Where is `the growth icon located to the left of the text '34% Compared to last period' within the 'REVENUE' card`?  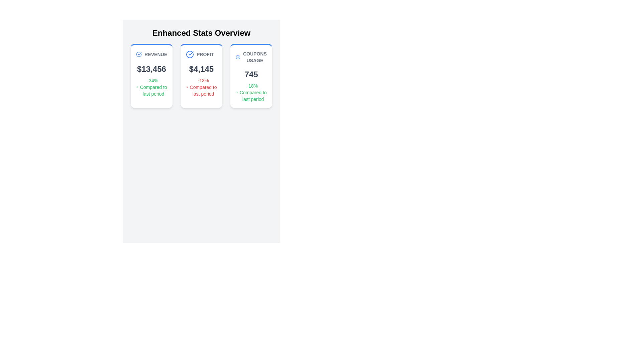
the growth icon located to the left of the text '34% Compared to last period' within the 'REVENUE' card is located at coordinates (137, 87).